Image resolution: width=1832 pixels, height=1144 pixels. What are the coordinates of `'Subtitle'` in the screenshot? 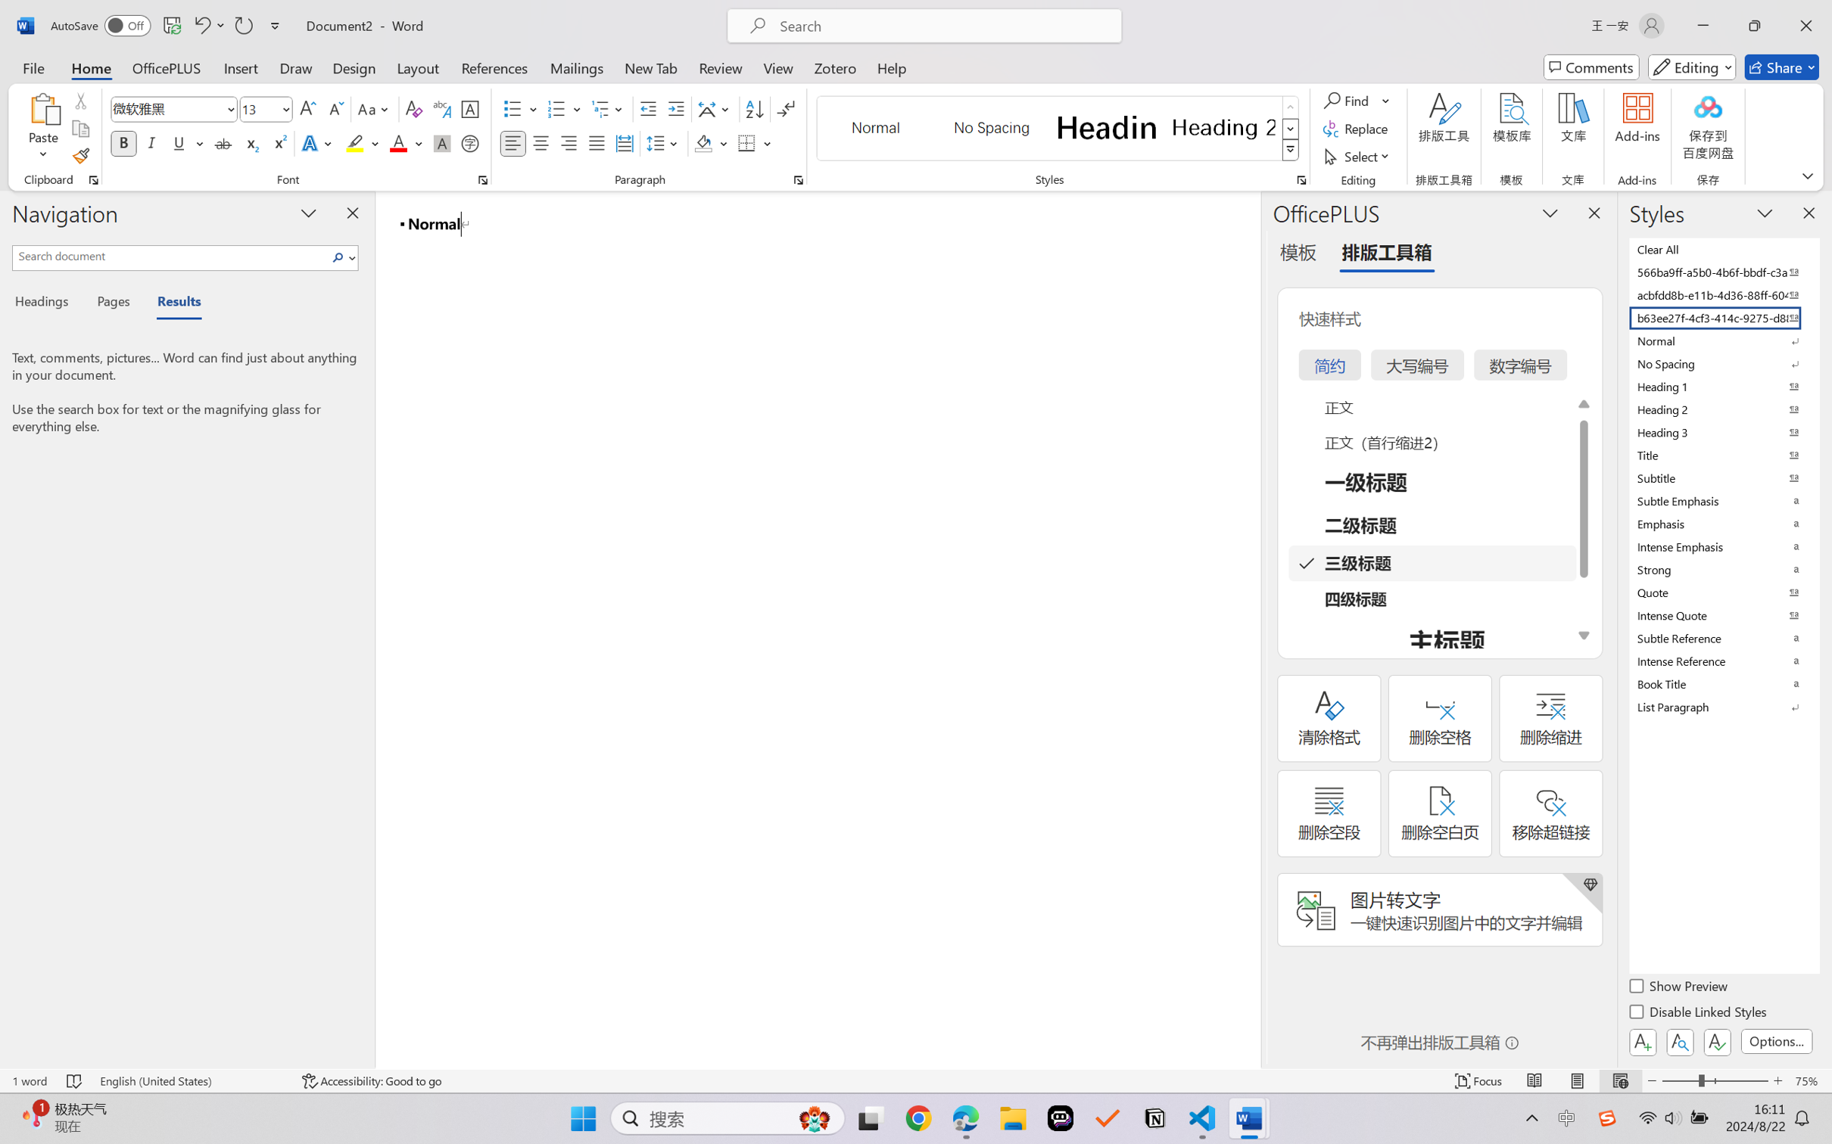 It's located at (1722, 477).